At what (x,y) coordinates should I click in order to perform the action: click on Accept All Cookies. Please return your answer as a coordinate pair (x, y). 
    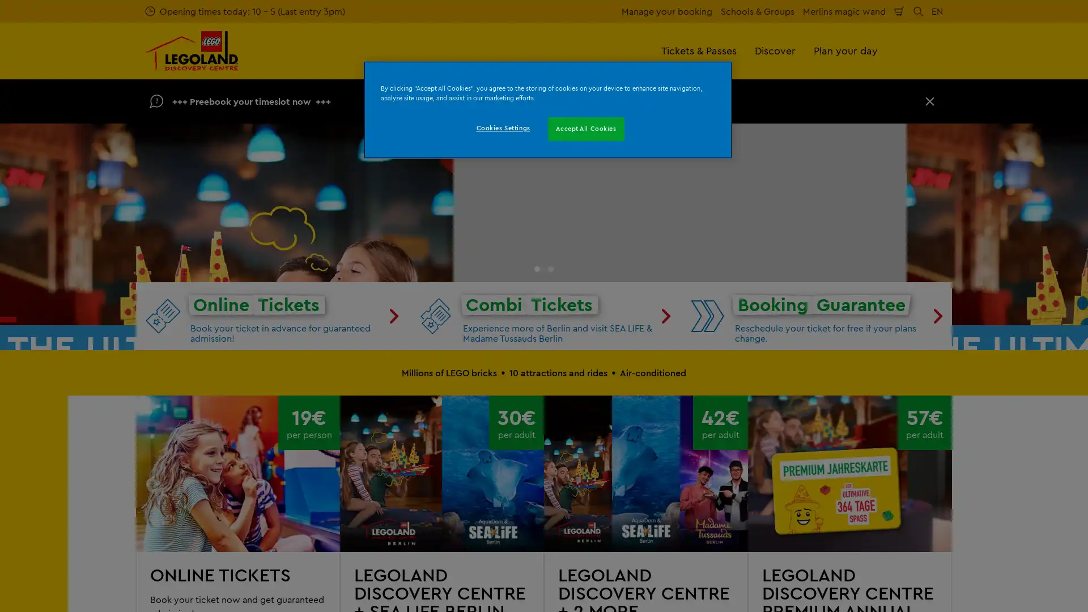
    Looking at the image, I should click on (586, 128).